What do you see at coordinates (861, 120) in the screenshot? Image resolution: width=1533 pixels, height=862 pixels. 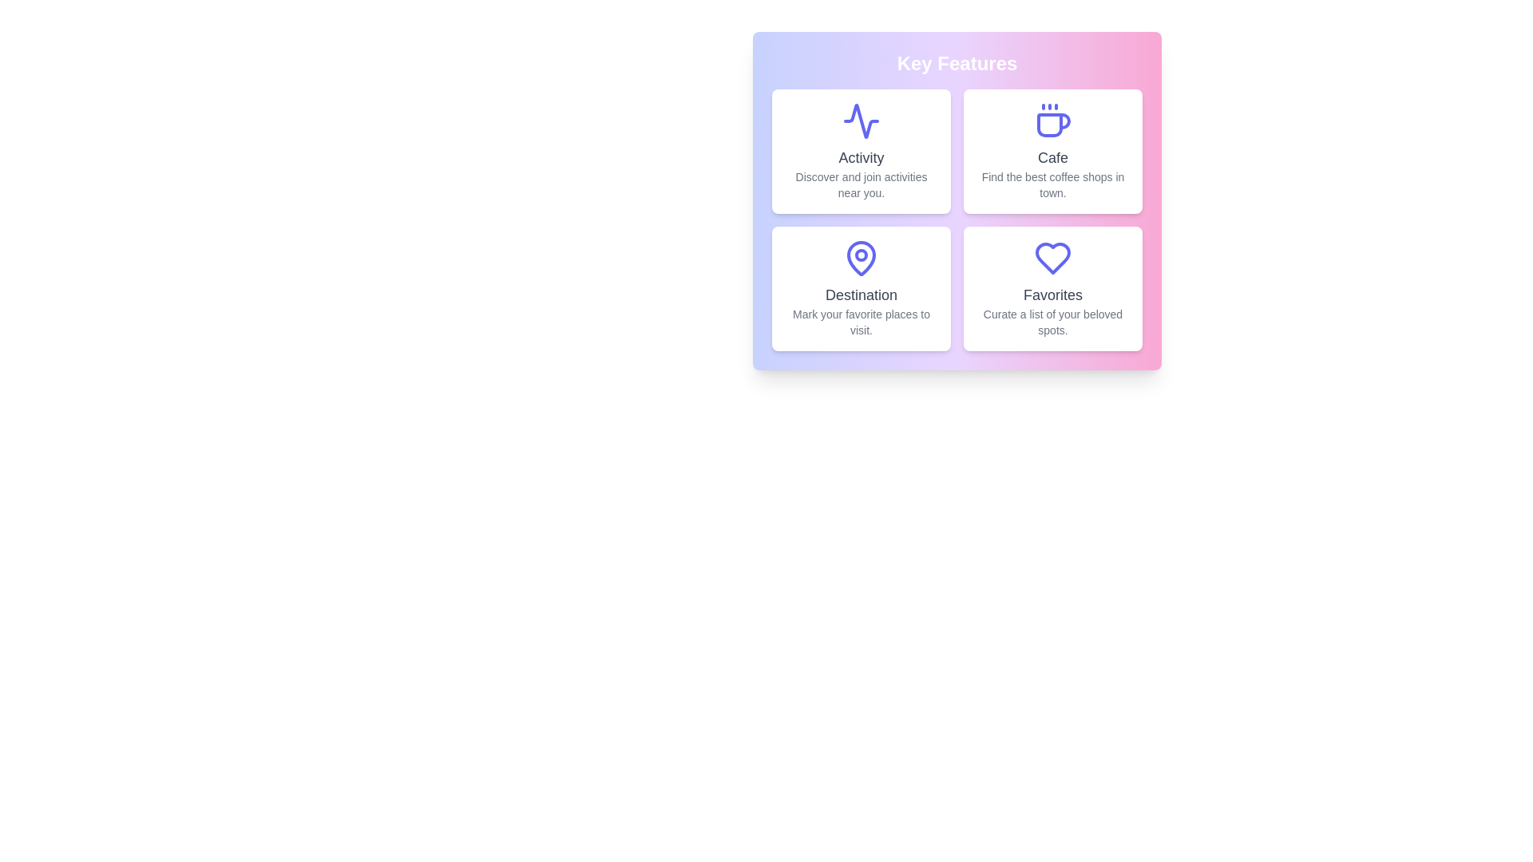 I see `the Activity icon to interact with the corresponding feature` at bounding box center [861, 120].